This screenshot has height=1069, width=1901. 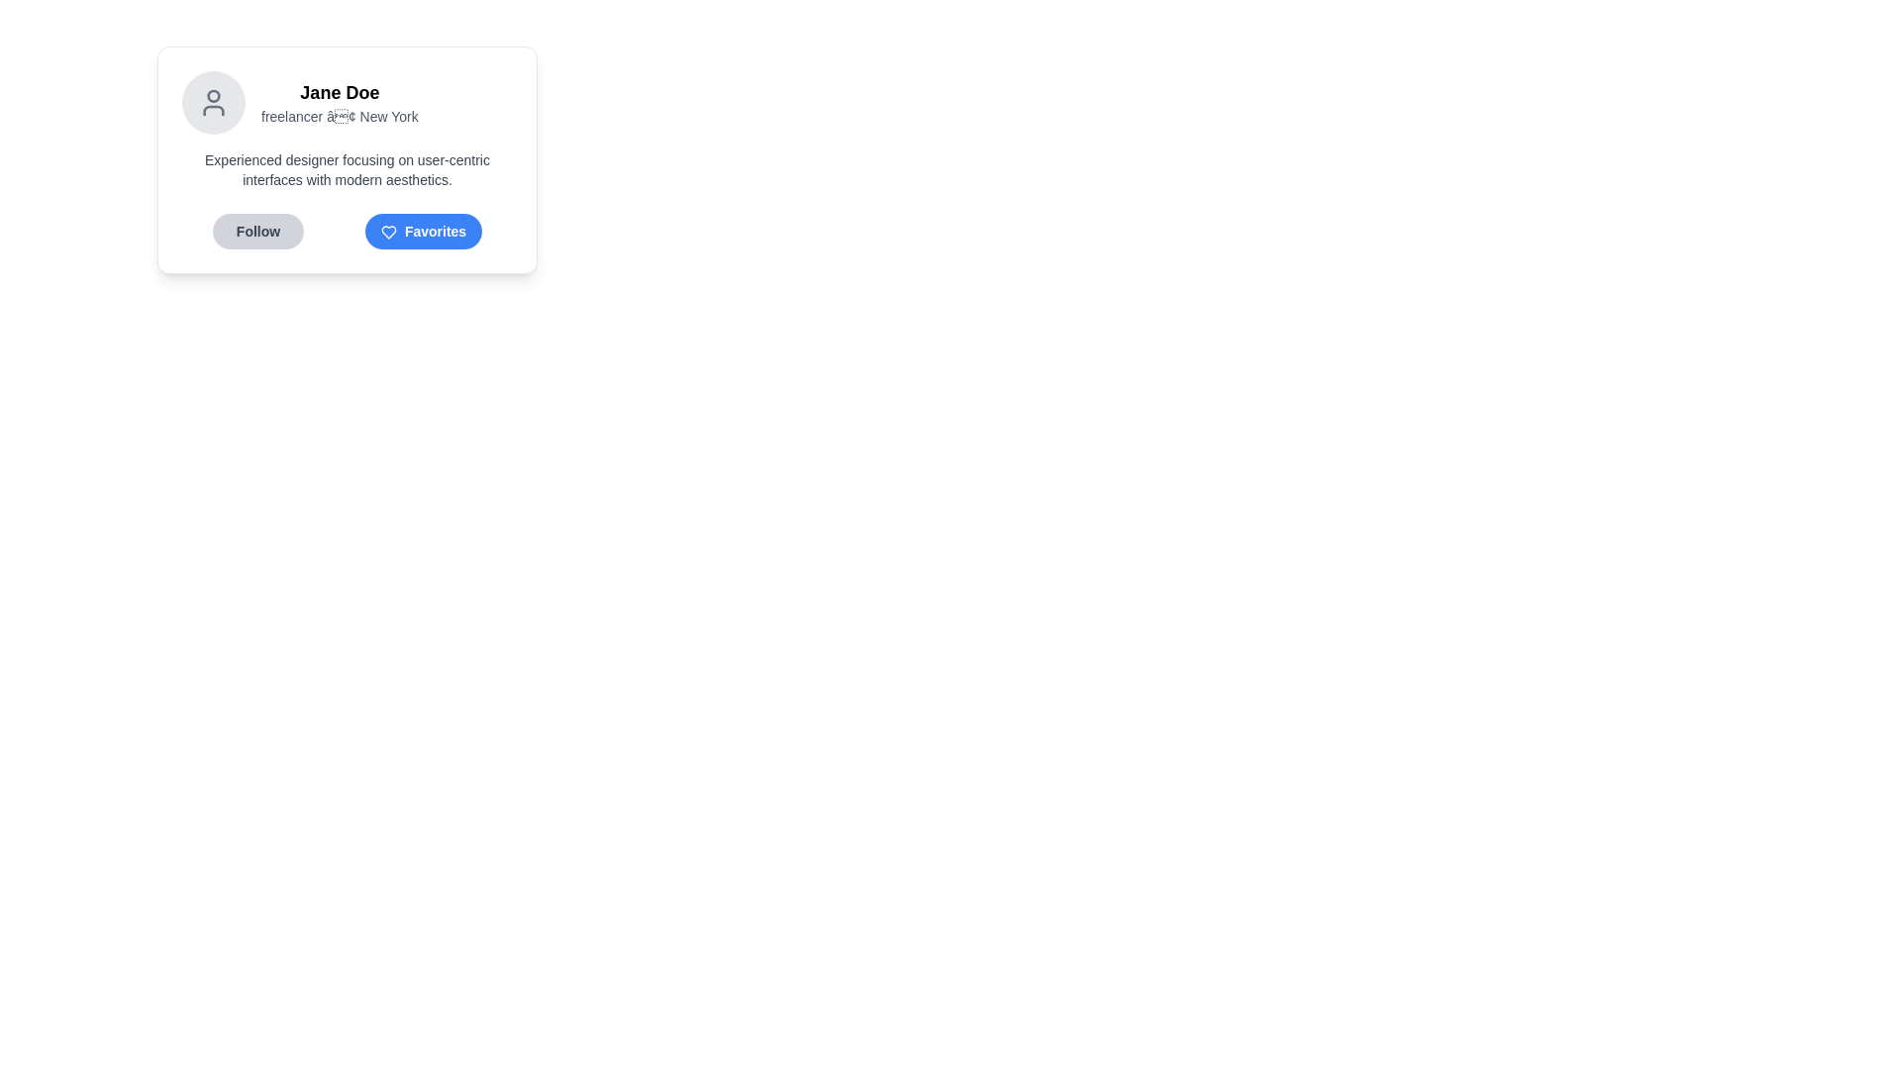 I want to click on the circular image placeholder icon with a user silhouette located at the top-left corner of the profile card for 'Jane Doe', so click(x=214, y=103).